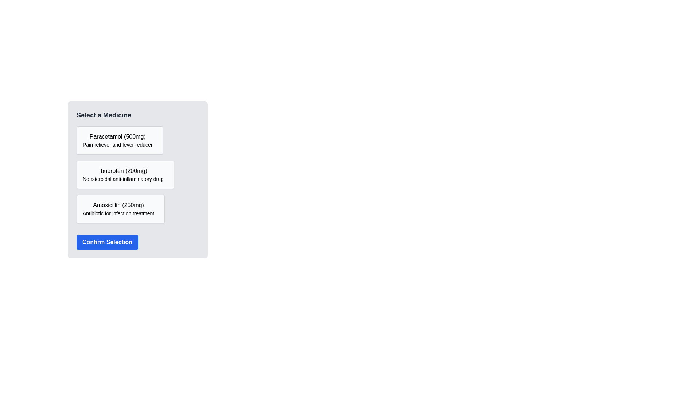 Image resolution: width=700 pixels, height=394 pixels. I want to click on the second selectable medicine option in the list under 'Select a Medicine', so click(125, 174).